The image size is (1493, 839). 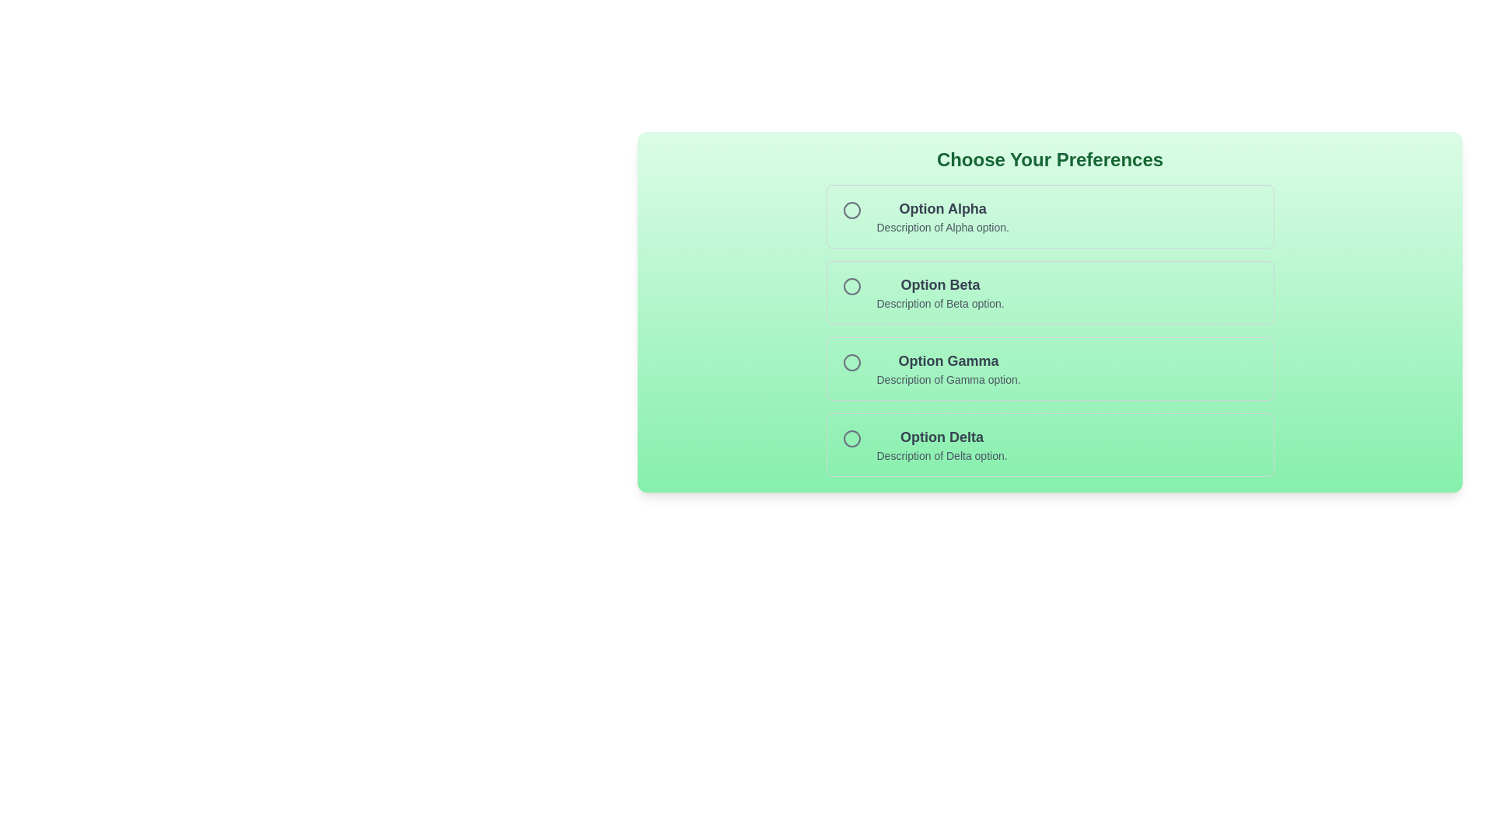 What do you see at coordinates (1050, 368) in the screenshot?
I see `the radio button of the third selectable option labeled 'Gamma' in the list under 'Choose Your Preferences'` at bounding box center [1050, 368].